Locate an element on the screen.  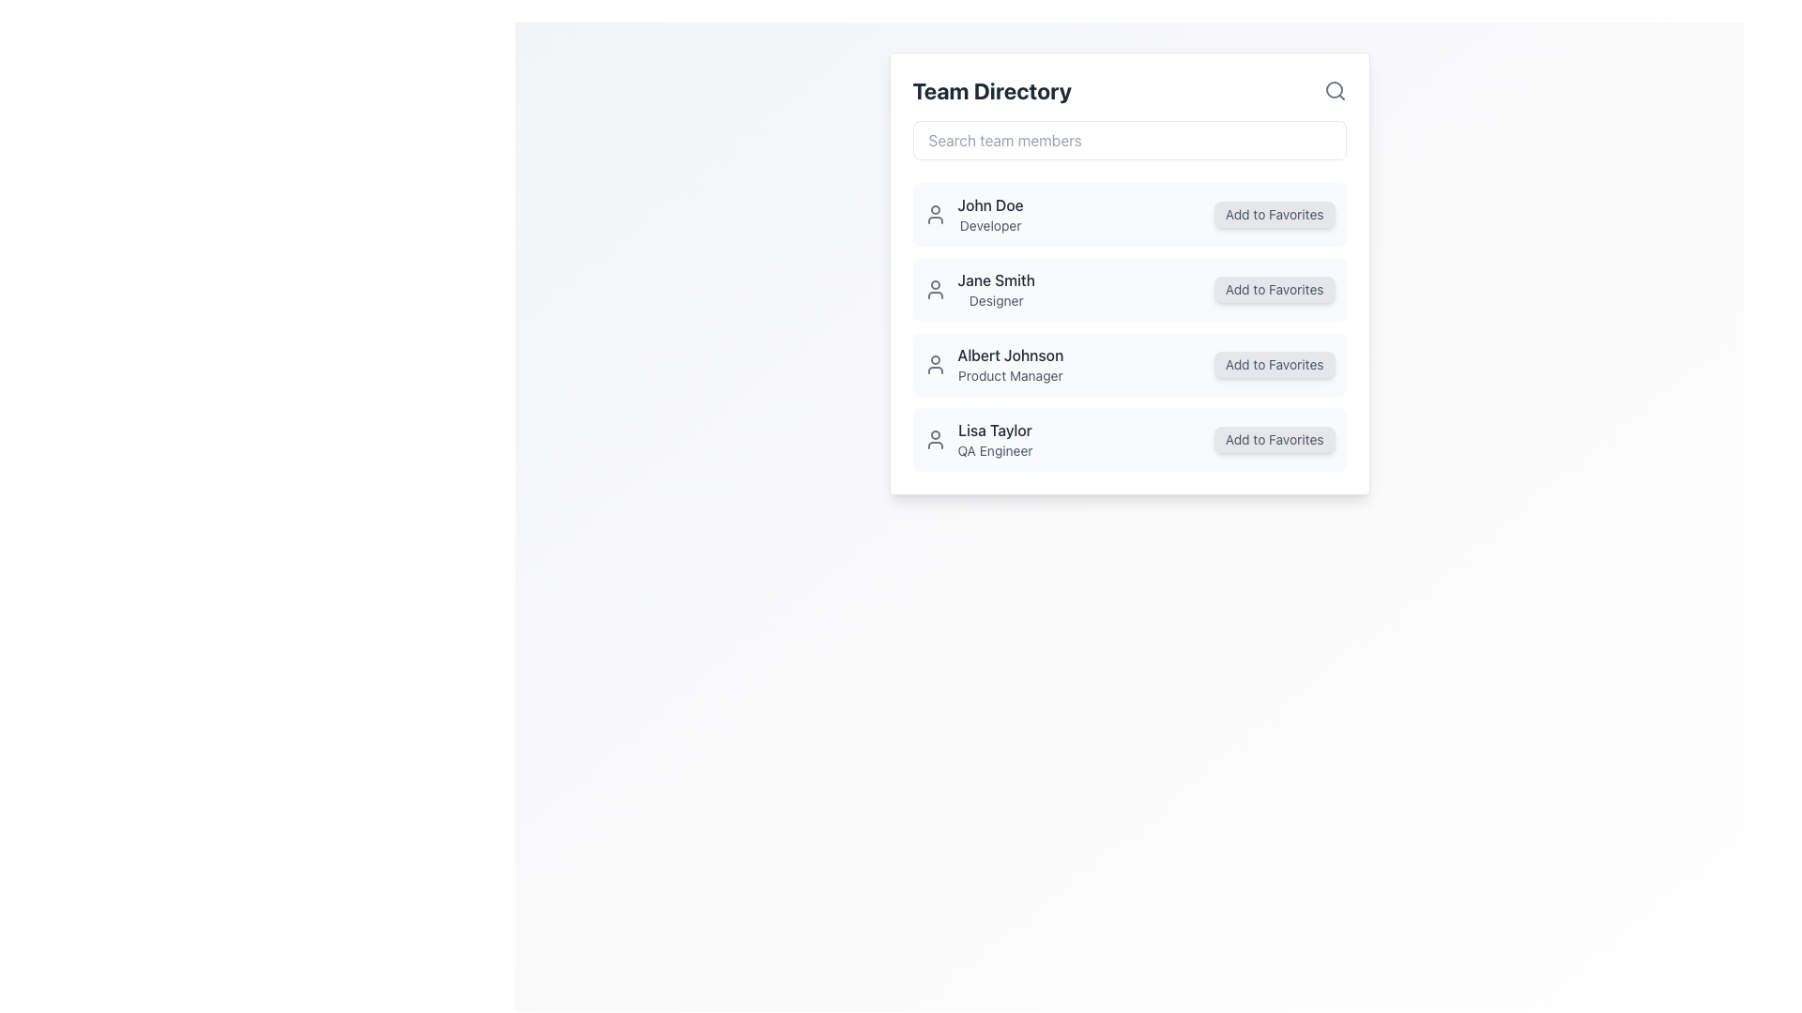
role of the person identified by the text 'Developer', which is displayed in a small gray font directly below 'John Doe' in the Team Directory list is located at coordinates (989, 224).